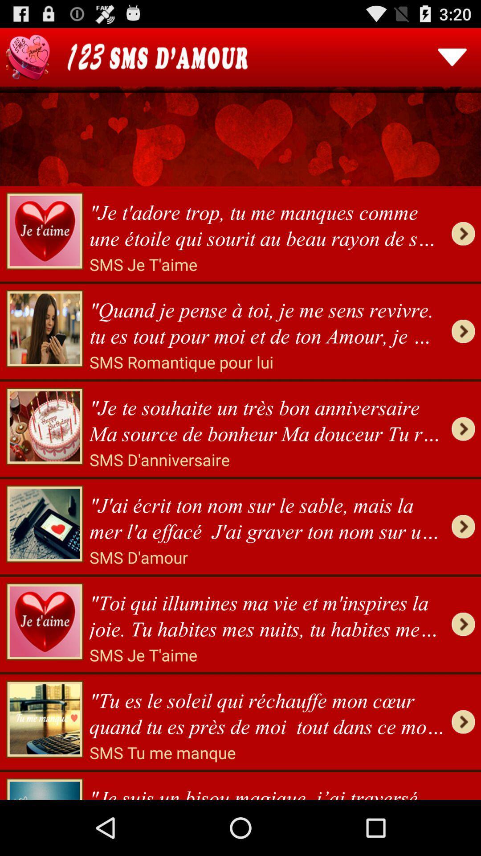 Image resolution: width=481 pixels, height=856 pixels. What do you see at coordinates (452, 57) in the screenshot?
I see `dropdown icon` at bounding box center [452, 57].